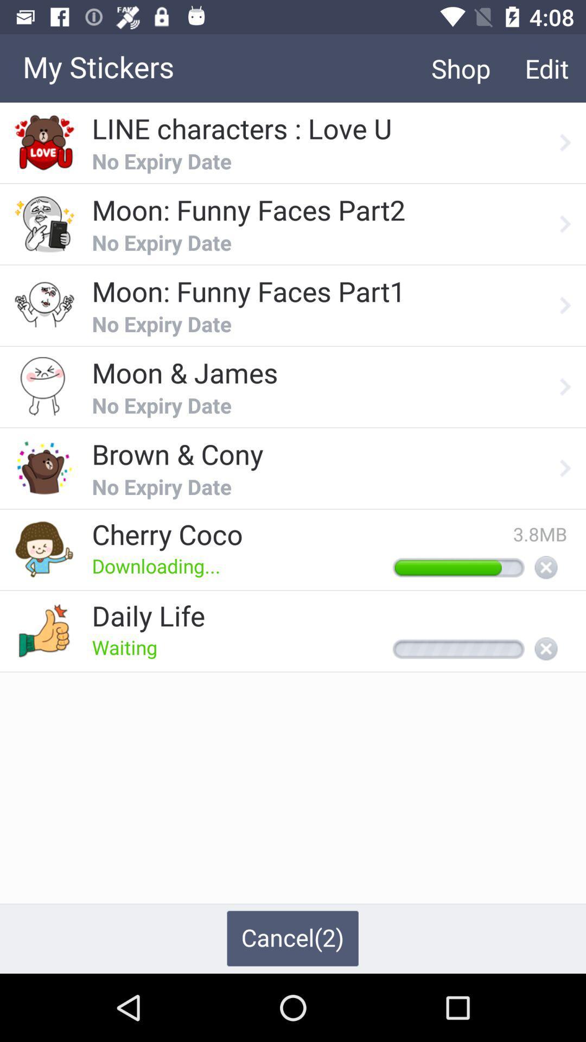  I want to click on cancel download, so click(546, 568).